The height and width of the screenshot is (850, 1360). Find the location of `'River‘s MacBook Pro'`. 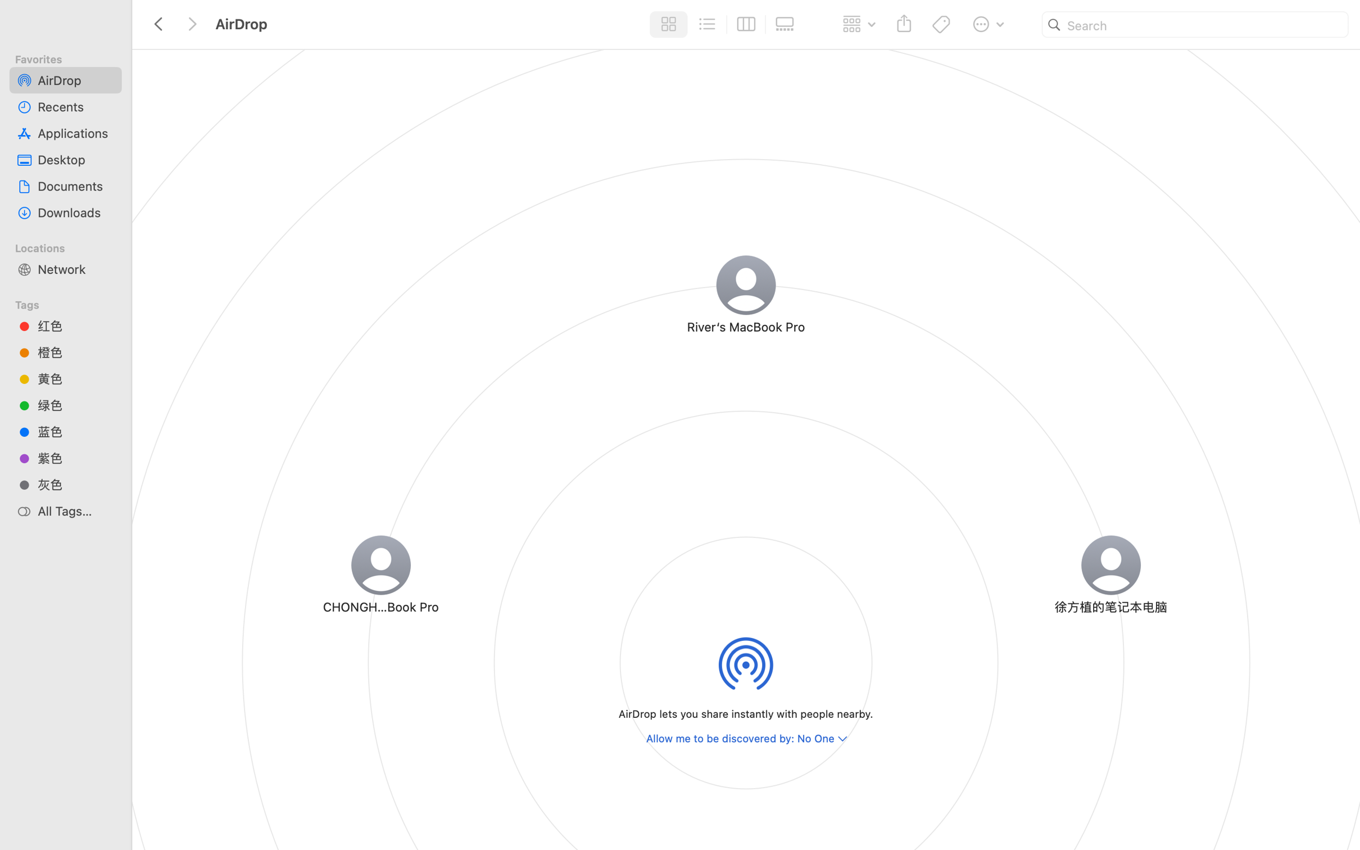

'River‘s MacBook Pro' is located at coordinates (745, 326).